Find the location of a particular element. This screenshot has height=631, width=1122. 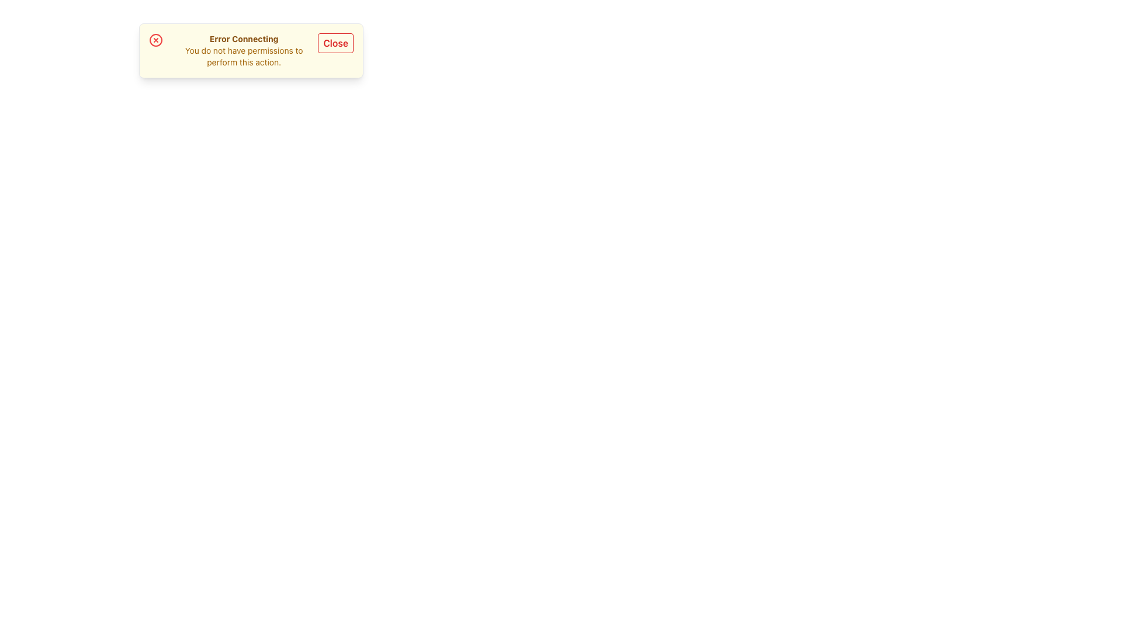

the text label that displays the message 'You do not have permissions to perform this action.' which is styled in small yellow font and is located below the bolded heading 'Error Connecting' within a notification box is located at coordinates (243, 56).